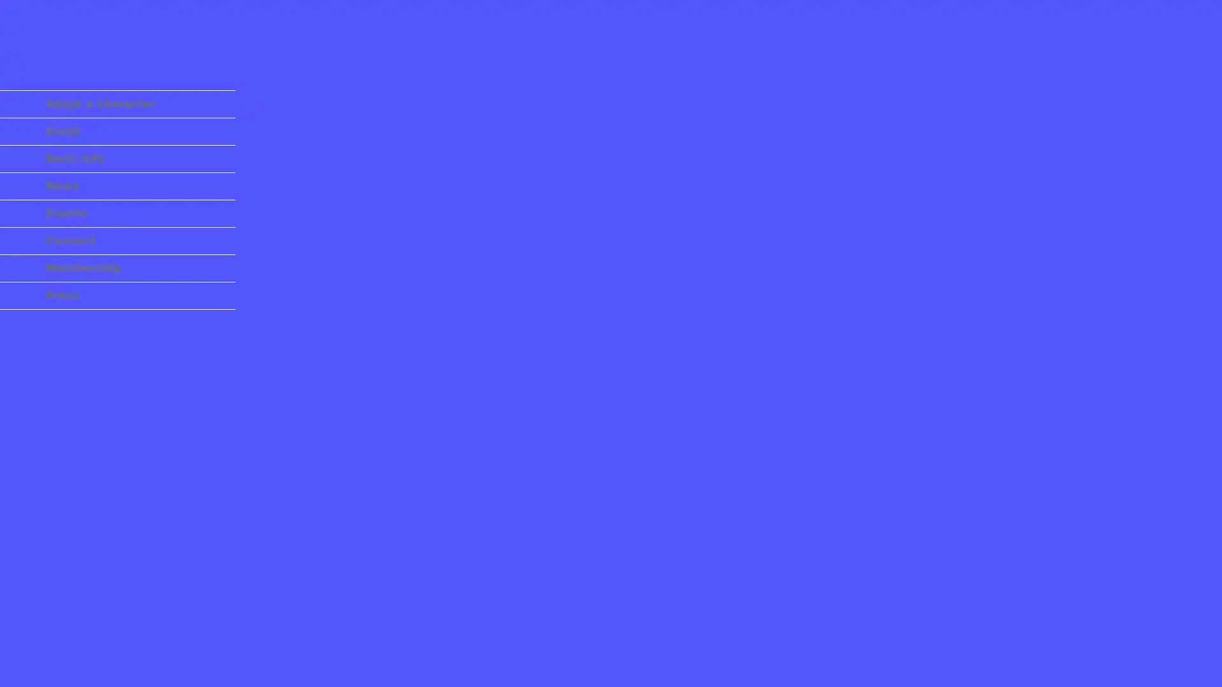  I want to click on U+30AC, so click(778, 545).